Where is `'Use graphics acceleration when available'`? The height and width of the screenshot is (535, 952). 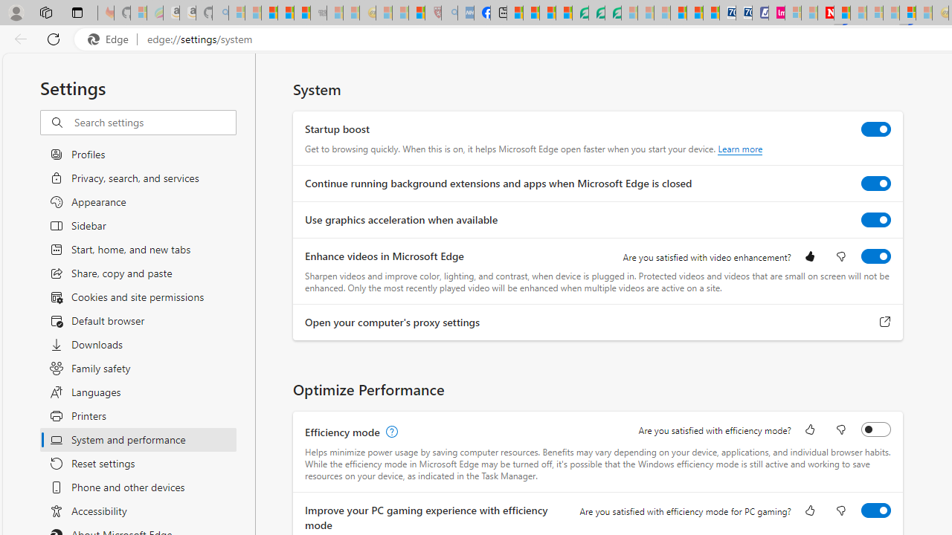
'Use graphics acceleration when available' is located at coordinates (876, 219).